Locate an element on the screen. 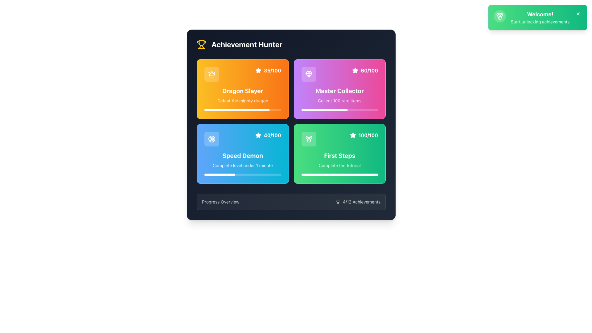 The image size is (592, 333). the scoring or rating indicator icon located in the upper right section of the 'Master Collector' card, adjacent to the score '60/100' is located at coordinates (355, 70).